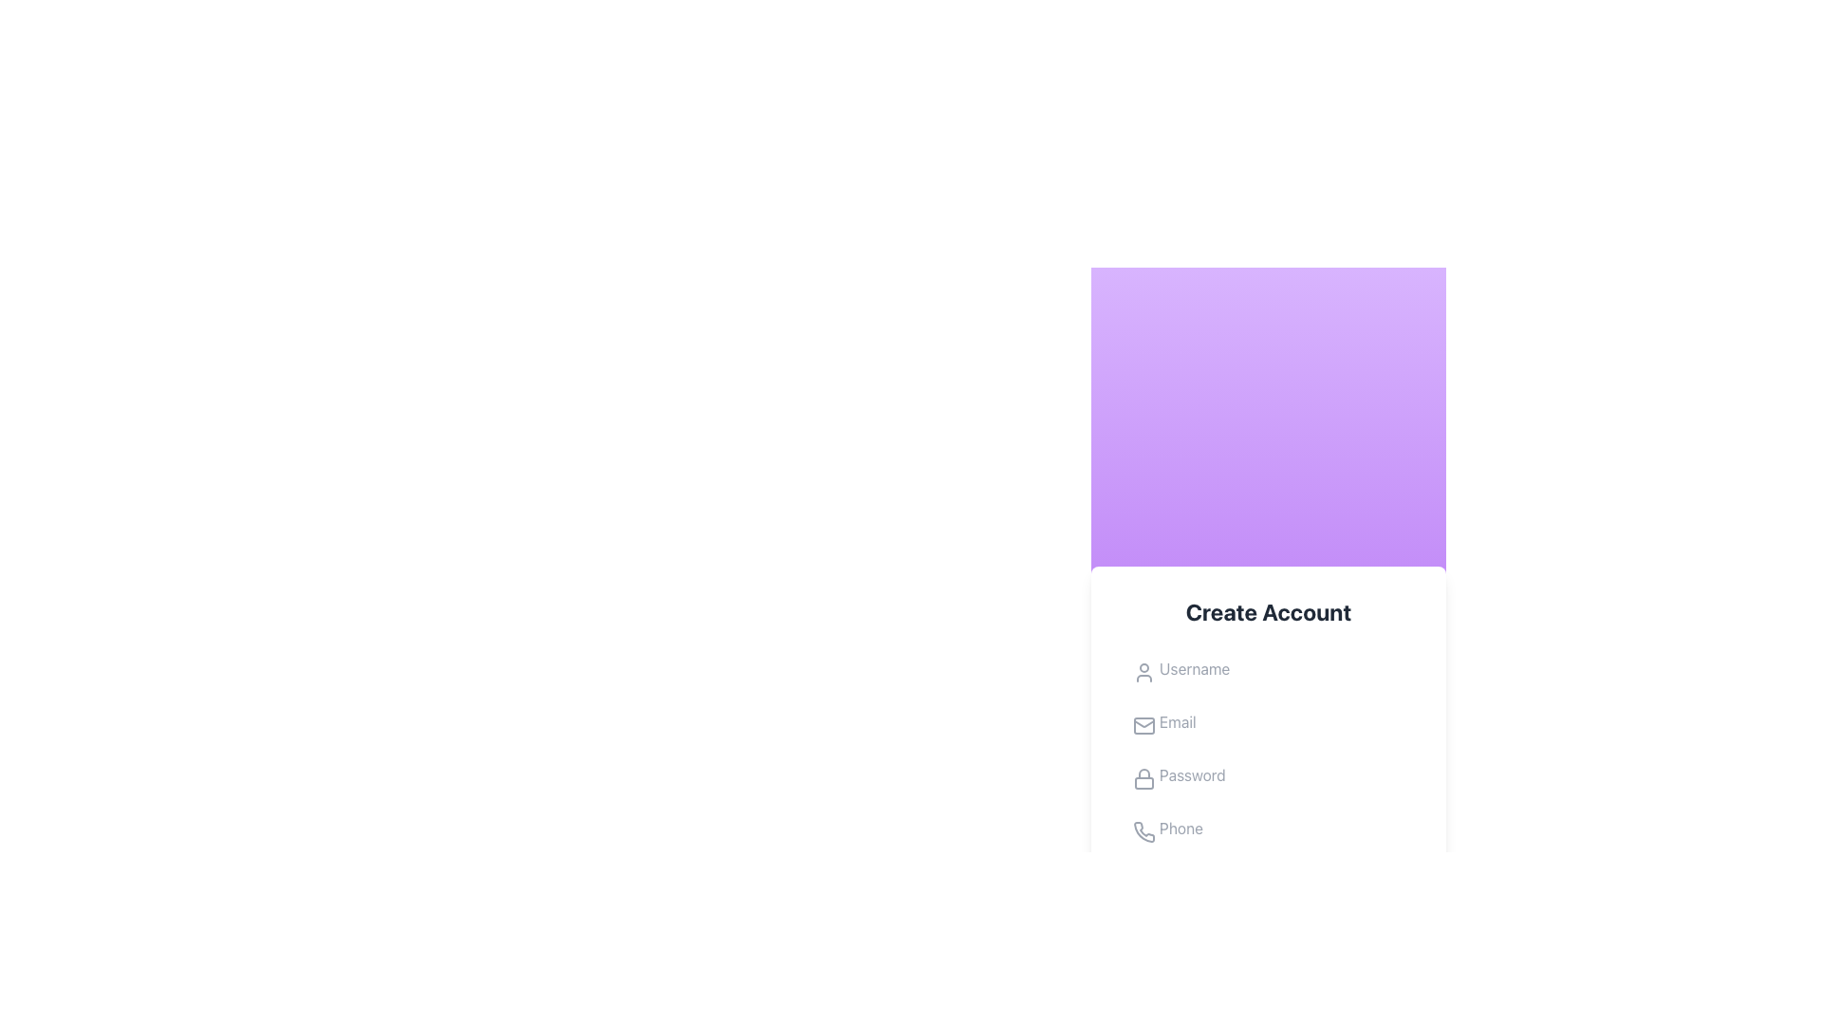  I want to click on the input field associated with the envelope icon representing the 'Email' field in the 'Create Account' form, so click(1143, 725).